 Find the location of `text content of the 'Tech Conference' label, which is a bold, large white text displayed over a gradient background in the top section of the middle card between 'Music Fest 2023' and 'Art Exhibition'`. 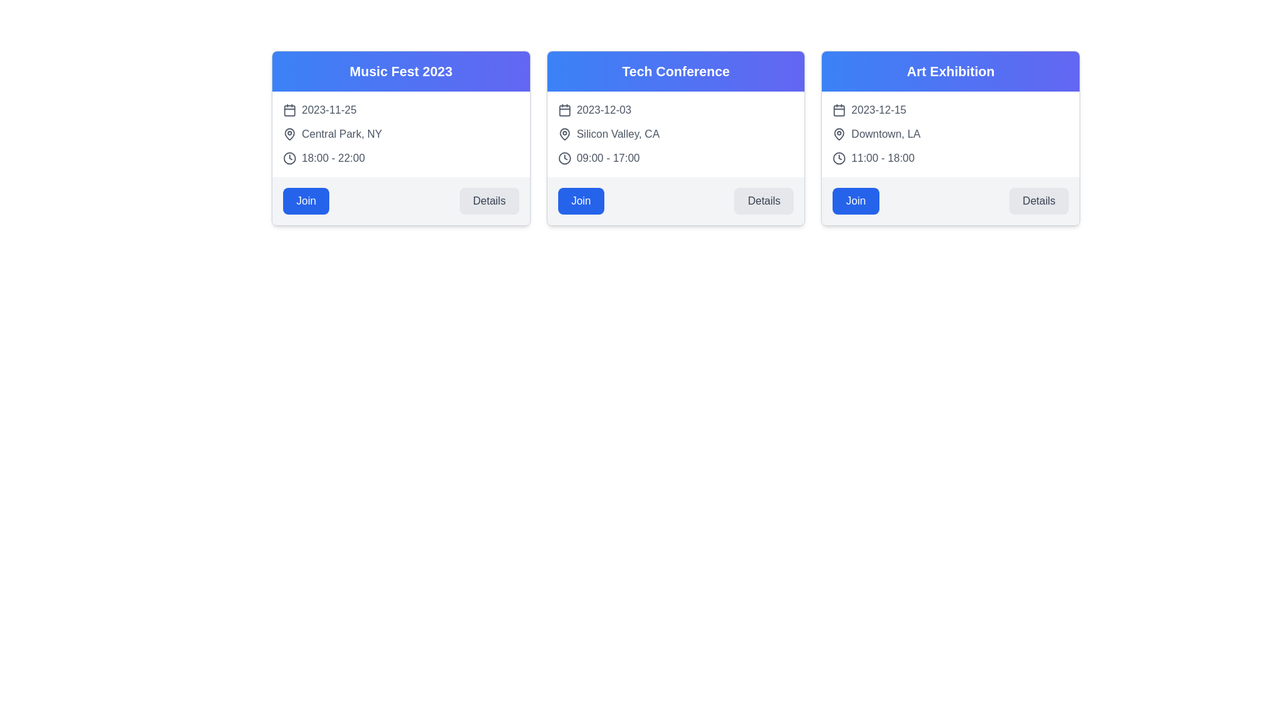

text content of the 'Tech Conference' label, which is a bold, large white text displayed over a gradient background in the top section of the middle card between 'Music Fest 2023' and 'Art Exhibition' is located at coordinates (675, 72).